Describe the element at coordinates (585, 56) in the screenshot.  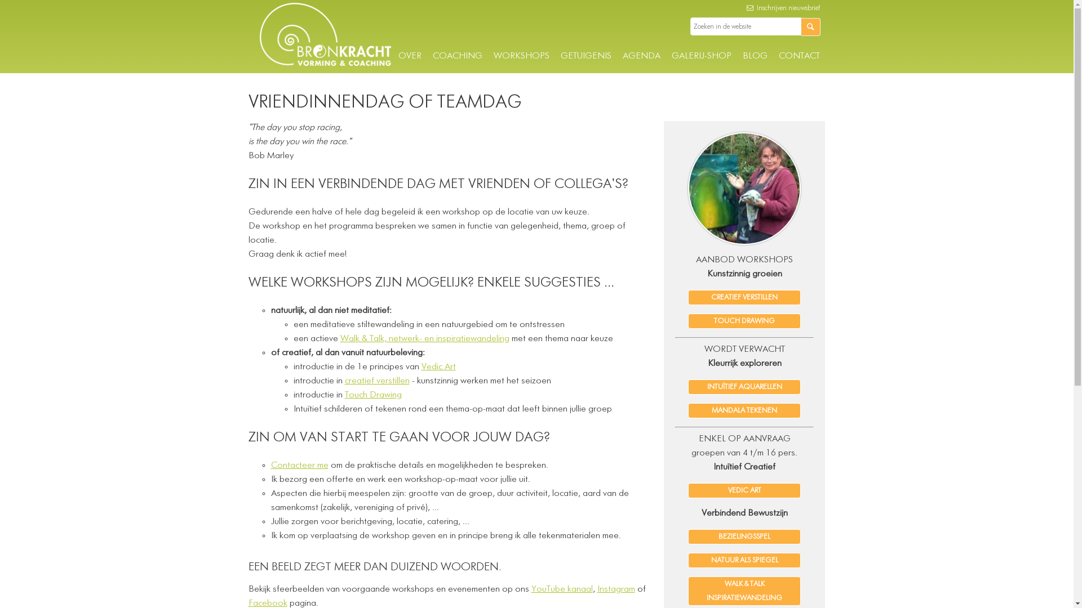
I see `'GETUIGENIS'` at that location.